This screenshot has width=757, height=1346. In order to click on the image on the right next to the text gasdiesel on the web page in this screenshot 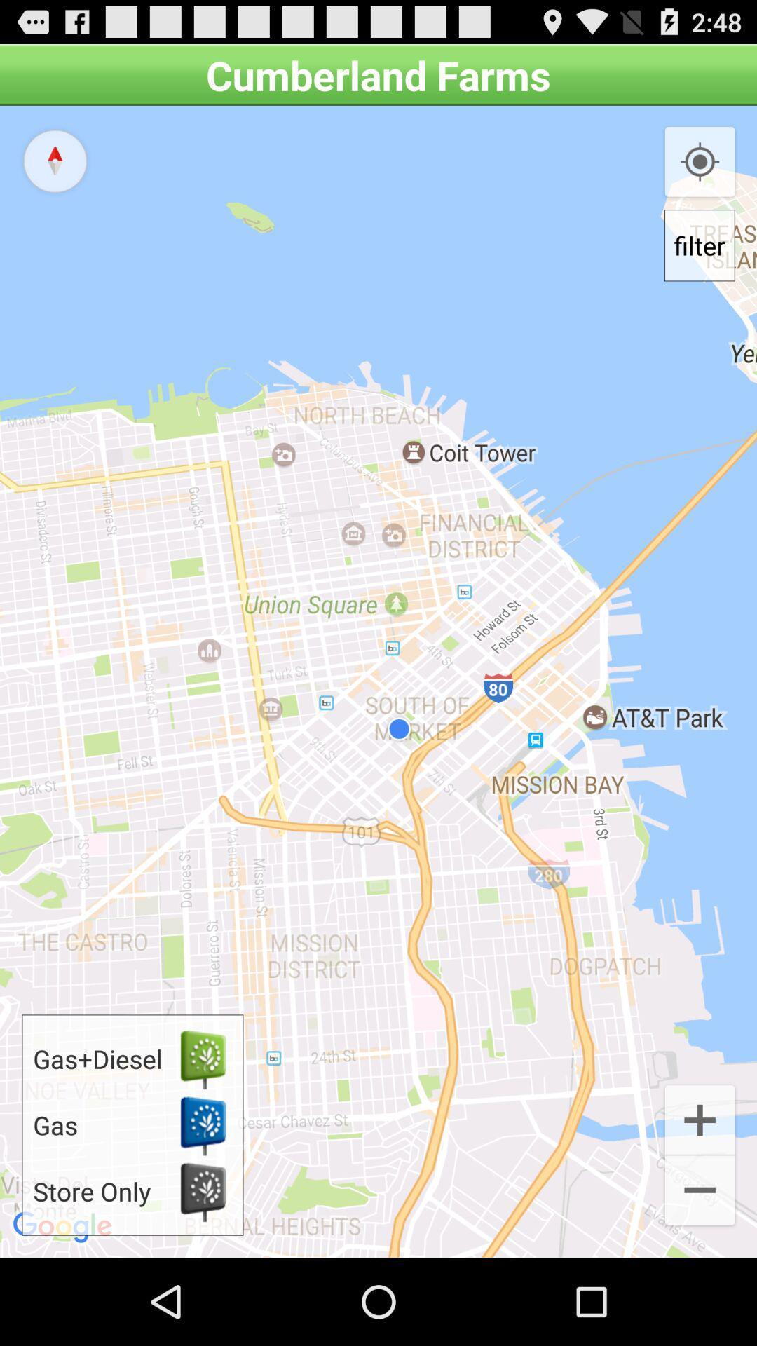, I will do `click(203, 1059)`.